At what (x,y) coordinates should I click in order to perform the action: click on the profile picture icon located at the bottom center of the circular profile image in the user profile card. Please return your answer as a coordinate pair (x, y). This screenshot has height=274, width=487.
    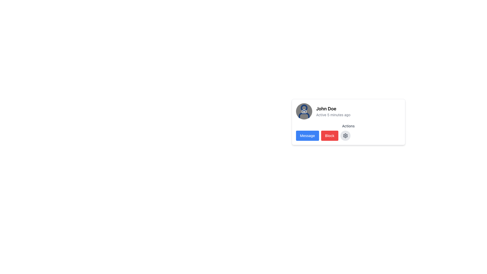
    Looking at the image, I should click on (304, 111).